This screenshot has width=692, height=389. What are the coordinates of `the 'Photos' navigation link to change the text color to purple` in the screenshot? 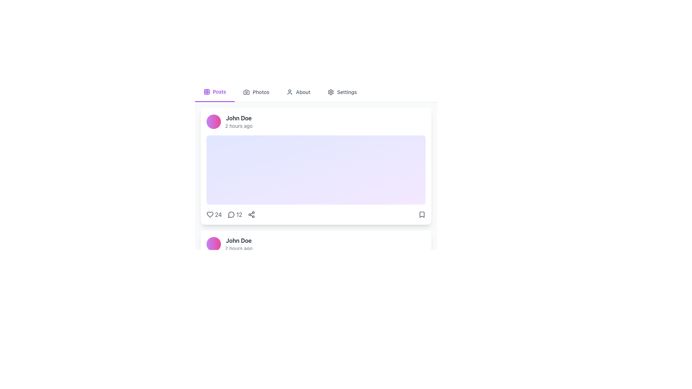 It's located at (256, 91).